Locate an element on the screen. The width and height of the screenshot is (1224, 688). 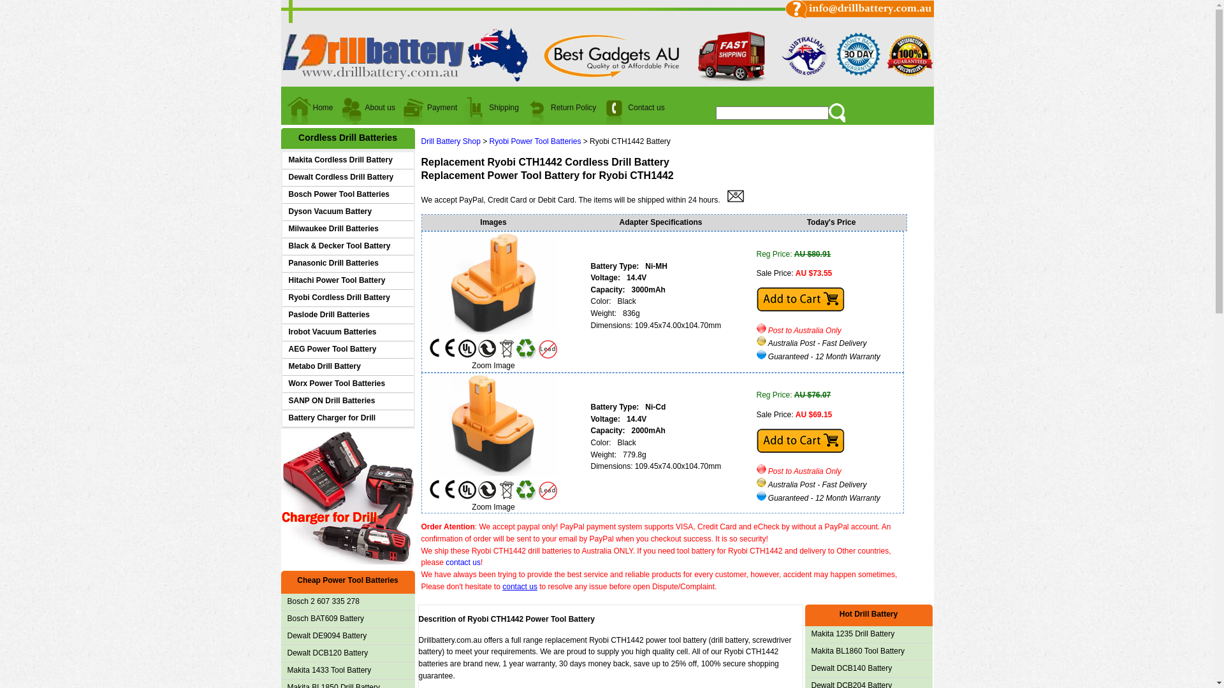
'Makita BL1860 Tool Battery' is located at coordinates (804, 651).